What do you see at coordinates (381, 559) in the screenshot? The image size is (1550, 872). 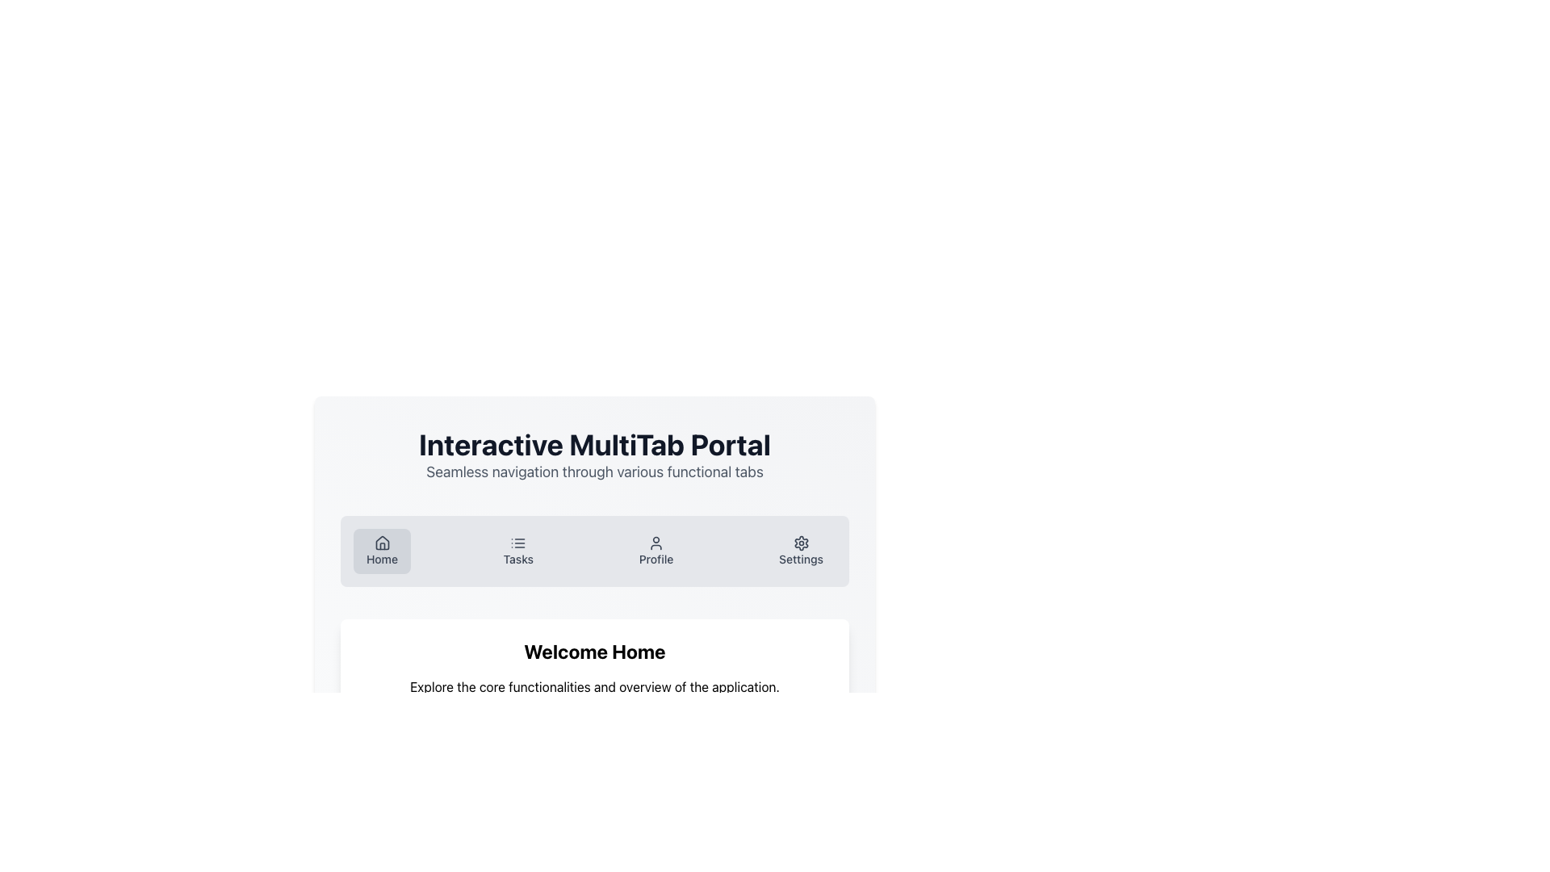 I see `the 'Home' text label in the navigation bar, which is the left-most item and indicates the homepage functionality` at bounding box center [381, 559].